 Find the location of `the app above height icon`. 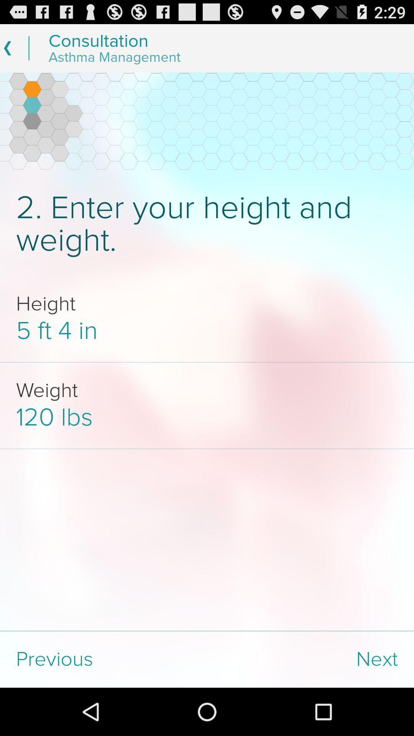

the app above height icon is located at coordinates (207, 224).